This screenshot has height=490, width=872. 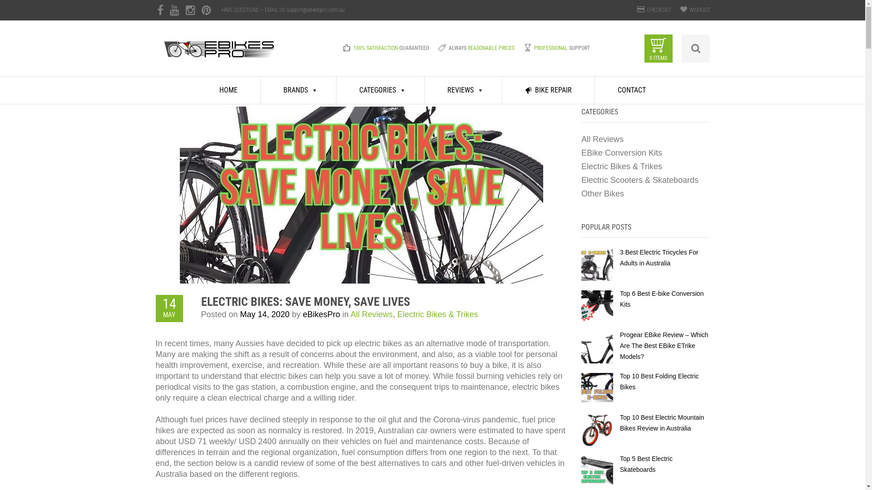 I want to click on 'EBike Conversion Kits', so click(x=621, y=152).